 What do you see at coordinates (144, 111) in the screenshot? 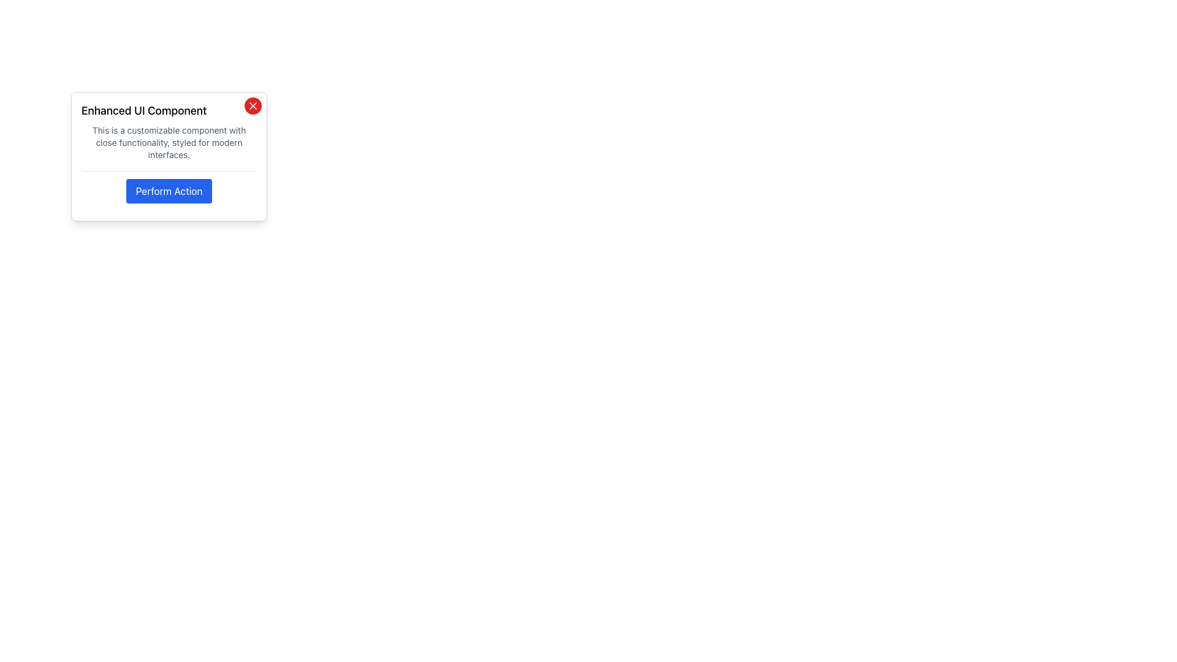
I see `the static text label at the top-left corner of the dialog box, which serves as the title indicating its purpose` at bounding box center [144, 111].